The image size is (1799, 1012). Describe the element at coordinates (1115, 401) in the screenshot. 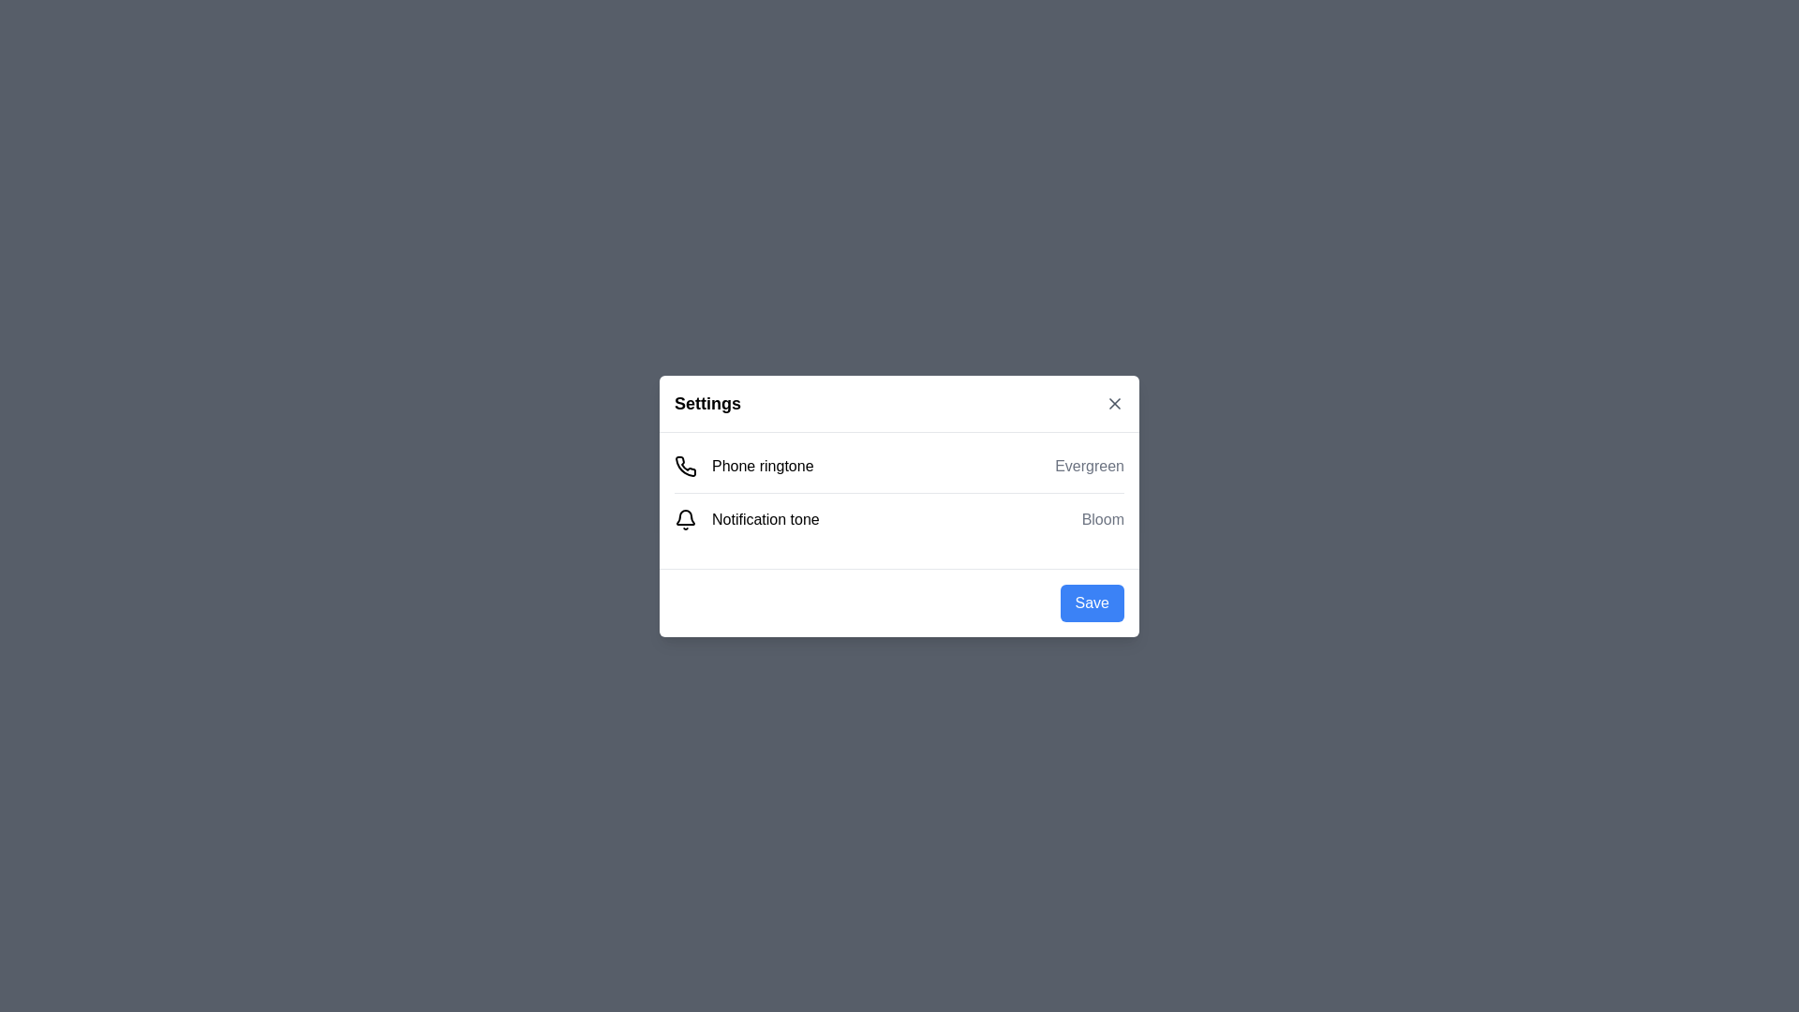

I see `the small 'X' icon in the upper-right corner of the 'Settings' modal` at that location.